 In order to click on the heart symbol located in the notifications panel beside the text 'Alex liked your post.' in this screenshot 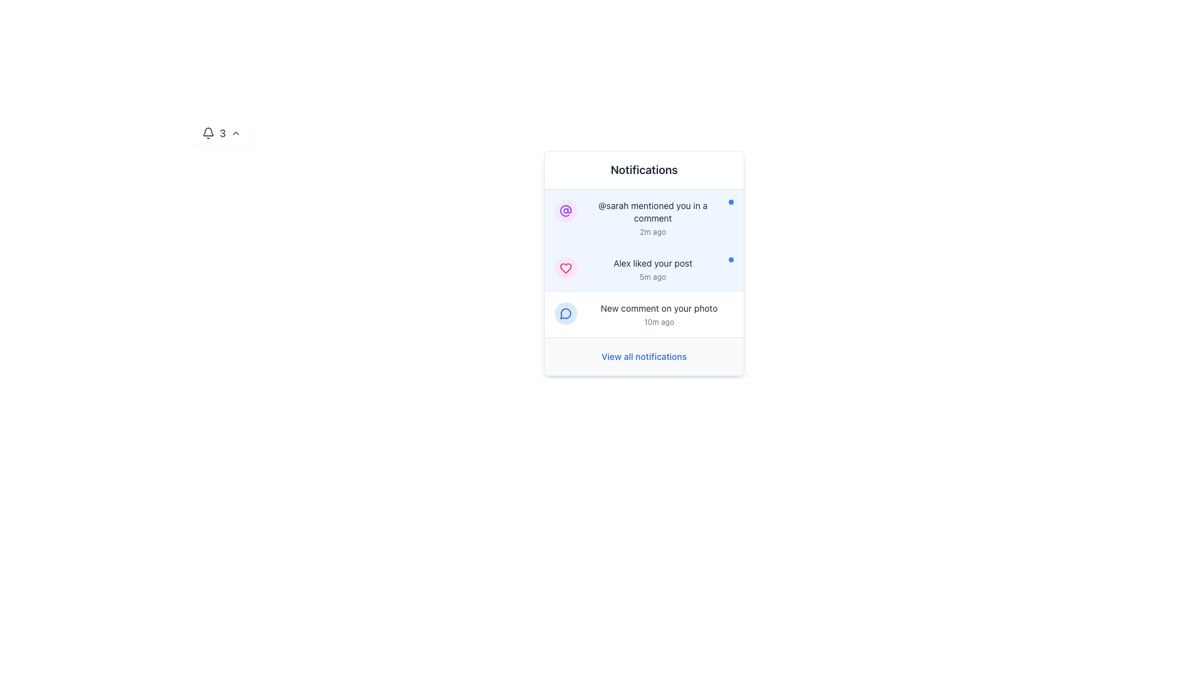, I will do `click(565, 267)`.